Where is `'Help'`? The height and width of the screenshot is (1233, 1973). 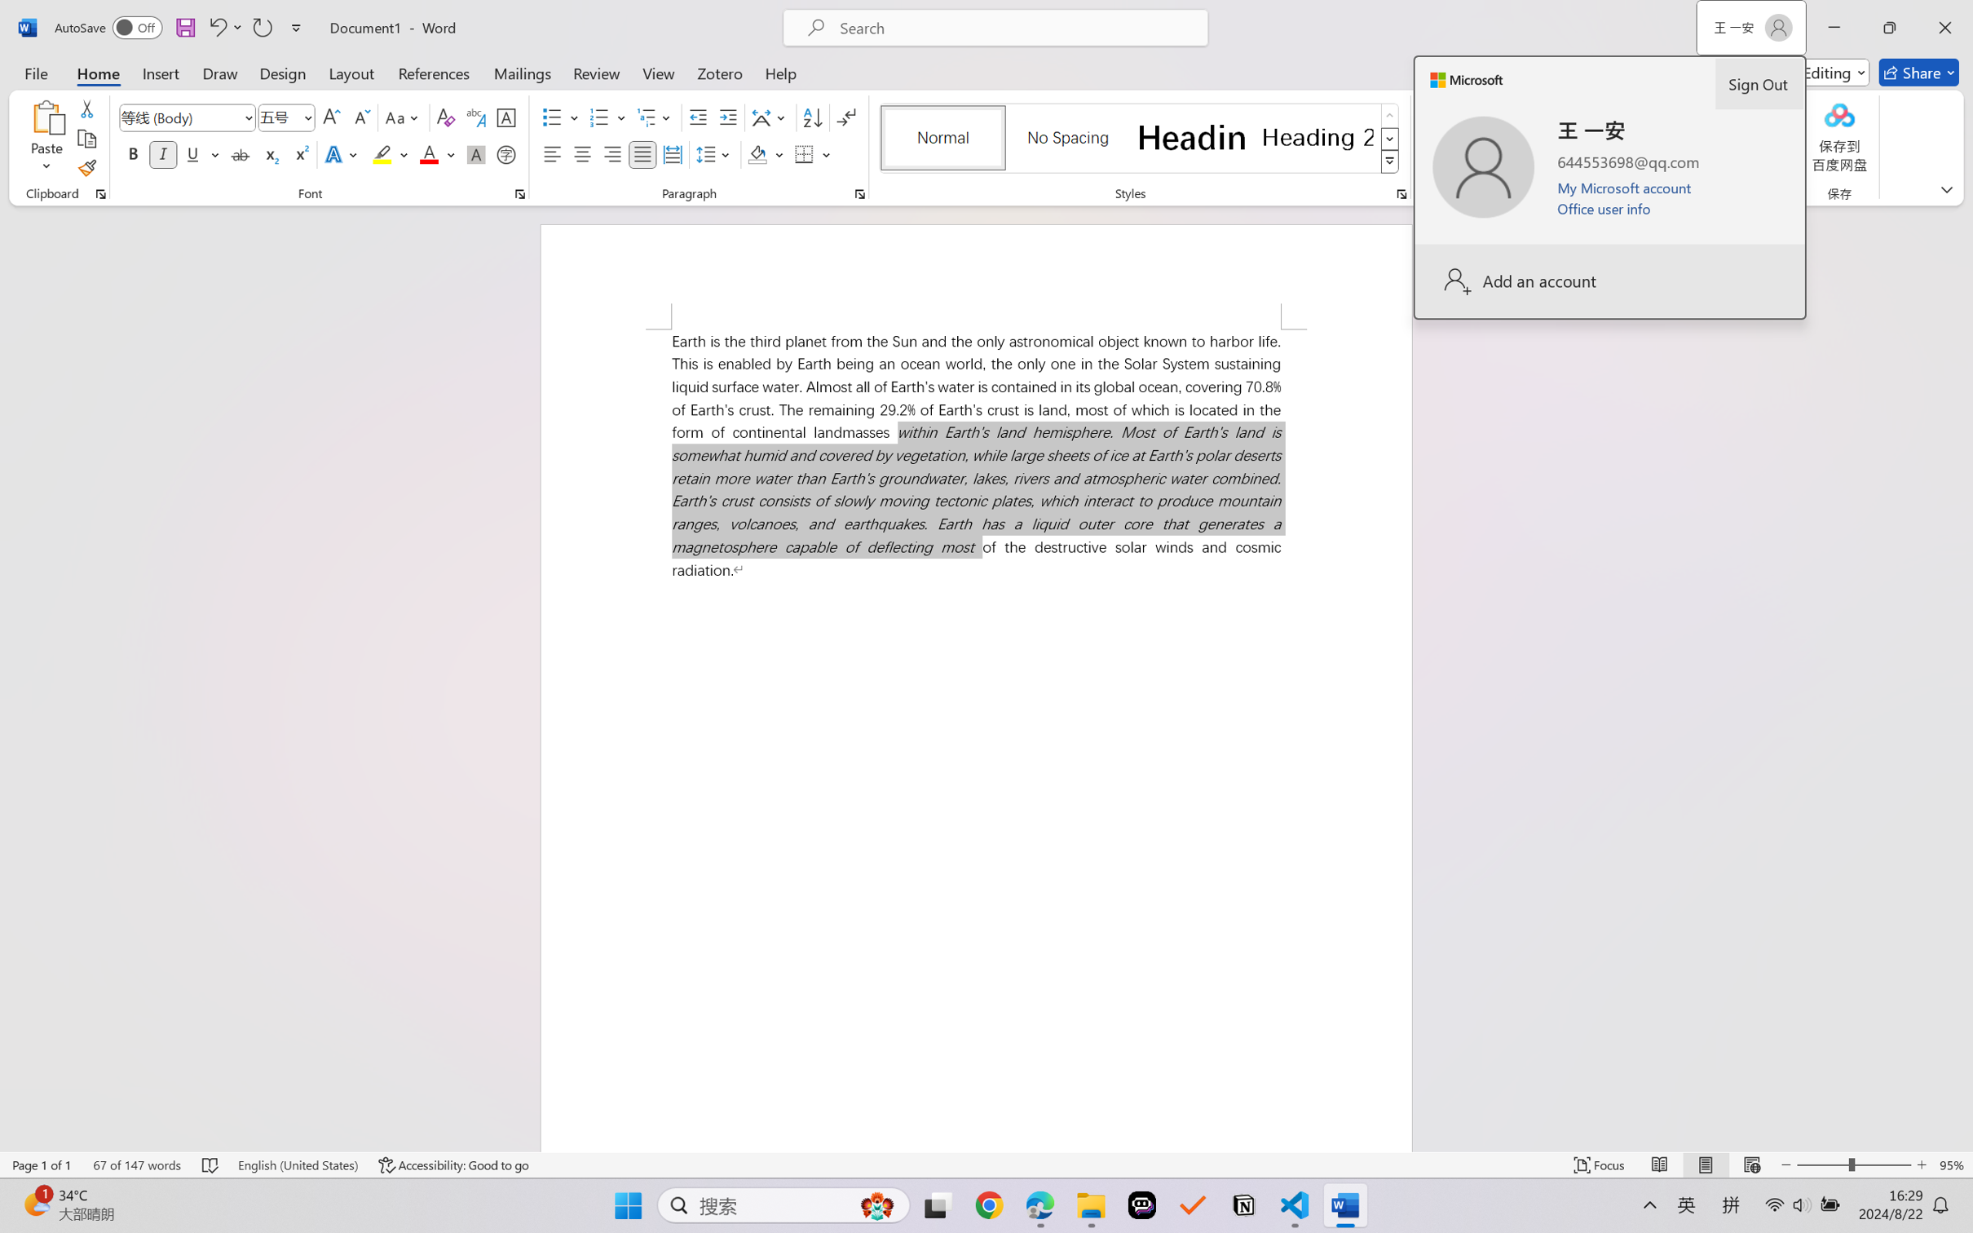 'Help' is located at coordinates (779, 72).